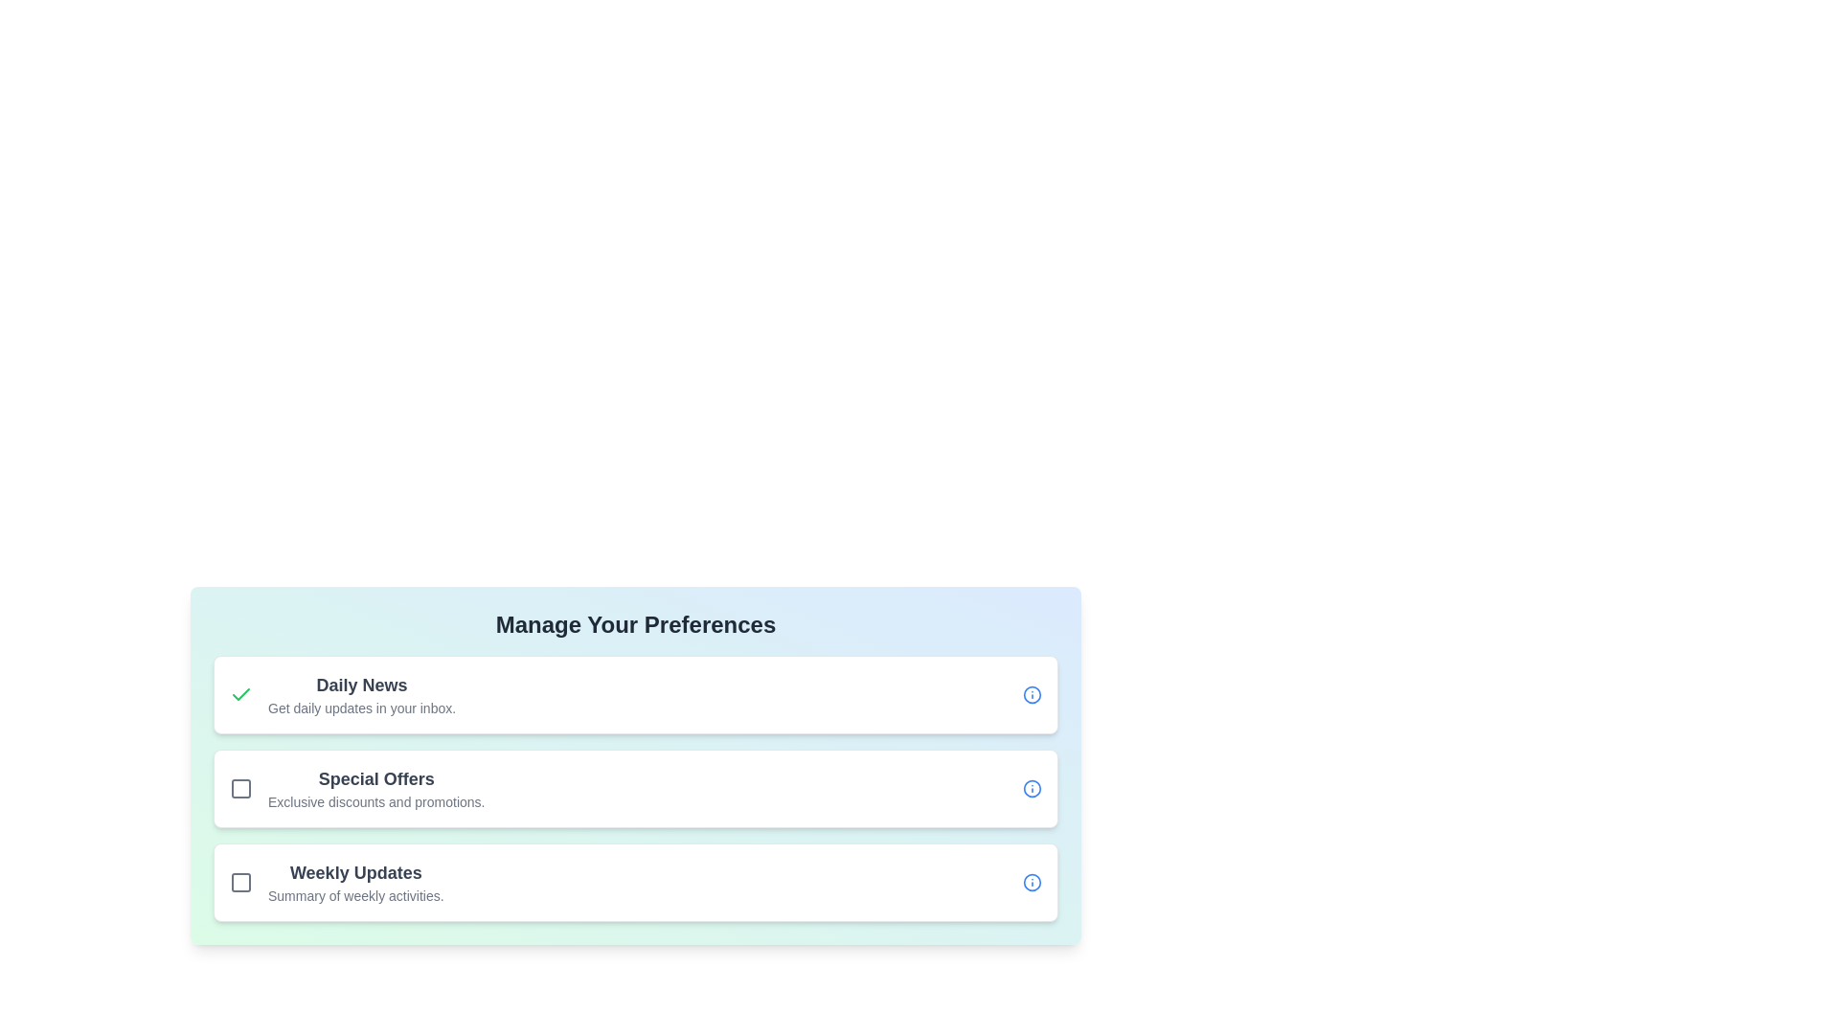 Image resolution: width=1839 pixels, height=1034 pixels. Describe the element at coordinates (362, 708) in the screenshot. I see `the descriptive text label explaining the 'Daily News' option located under the 'Manage Your Preferences' section` at that location.